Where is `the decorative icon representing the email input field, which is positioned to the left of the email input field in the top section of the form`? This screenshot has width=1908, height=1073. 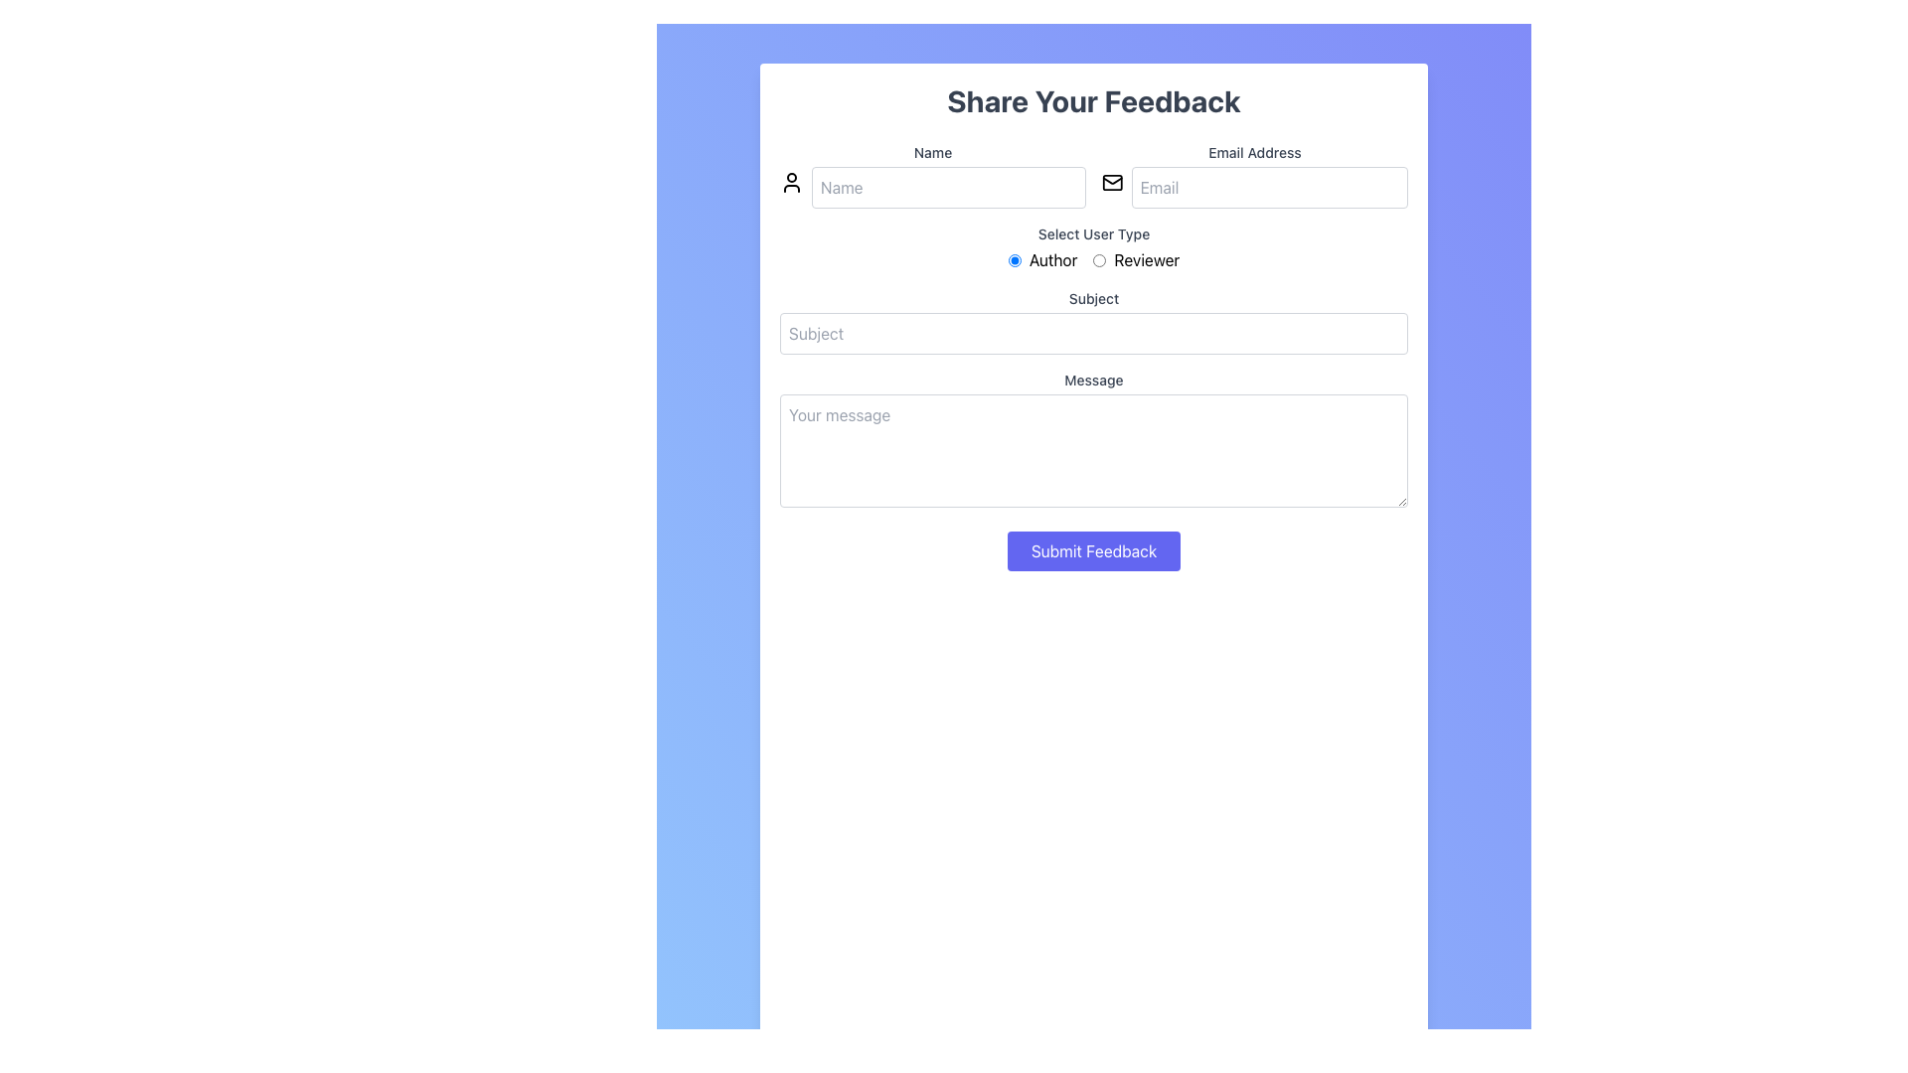 the decorative icon representing the email input field, which is positioned to the left of the email input field in the top section of the form is located at coordinates (1111, 183).